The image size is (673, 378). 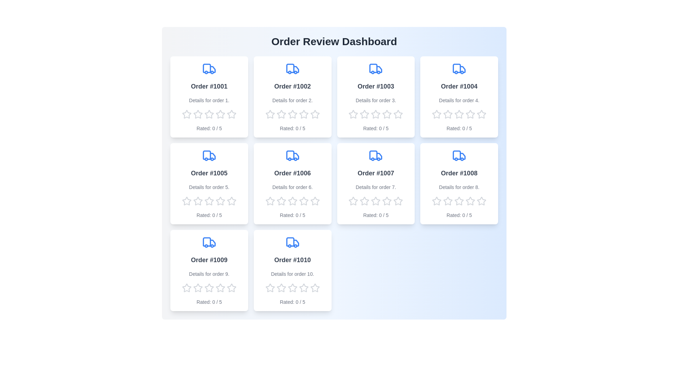 What do you see at coordinates (209, 97) in the screenshot?
I see `the text area of the order to inspect its details` at bounding box center [209, 97].